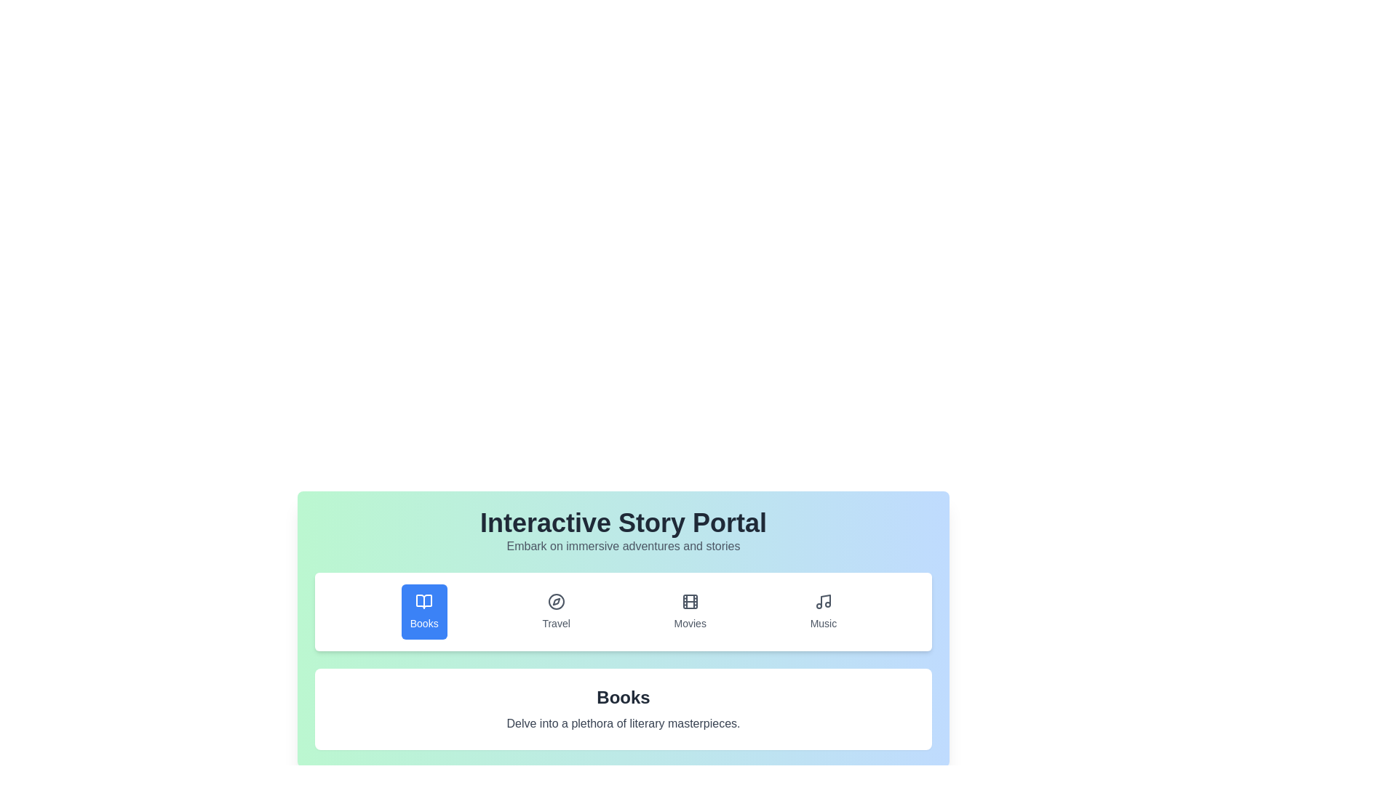  Describe the element at coordinates (423, 611) in the screenshot. I see `the 'Books' category button to possibly reveal additional information or effects` at that location.